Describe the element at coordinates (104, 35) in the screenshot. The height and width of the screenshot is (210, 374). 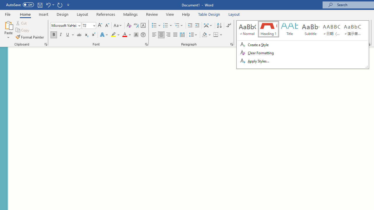
I see `'Text Effects and Typography'` at that location.